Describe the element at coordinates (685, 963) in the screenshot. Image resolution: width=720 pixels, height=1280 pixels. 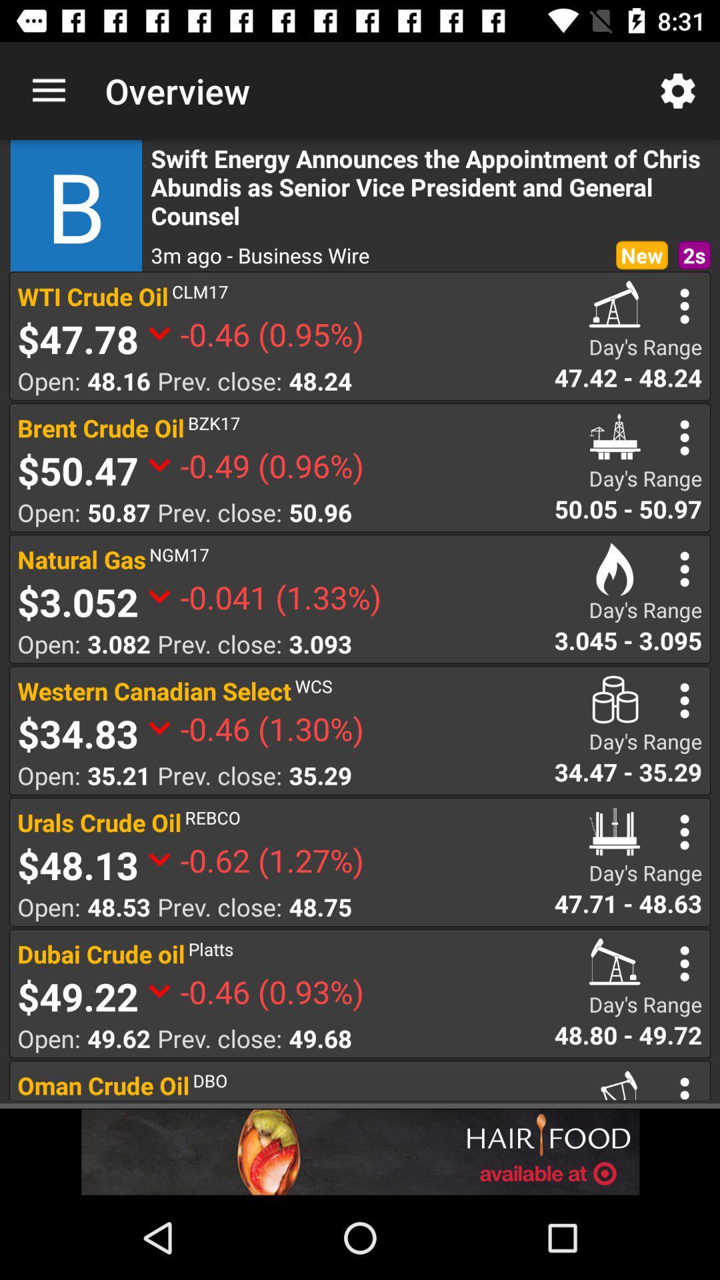
I see `more options to dubai crude oil` at that location.